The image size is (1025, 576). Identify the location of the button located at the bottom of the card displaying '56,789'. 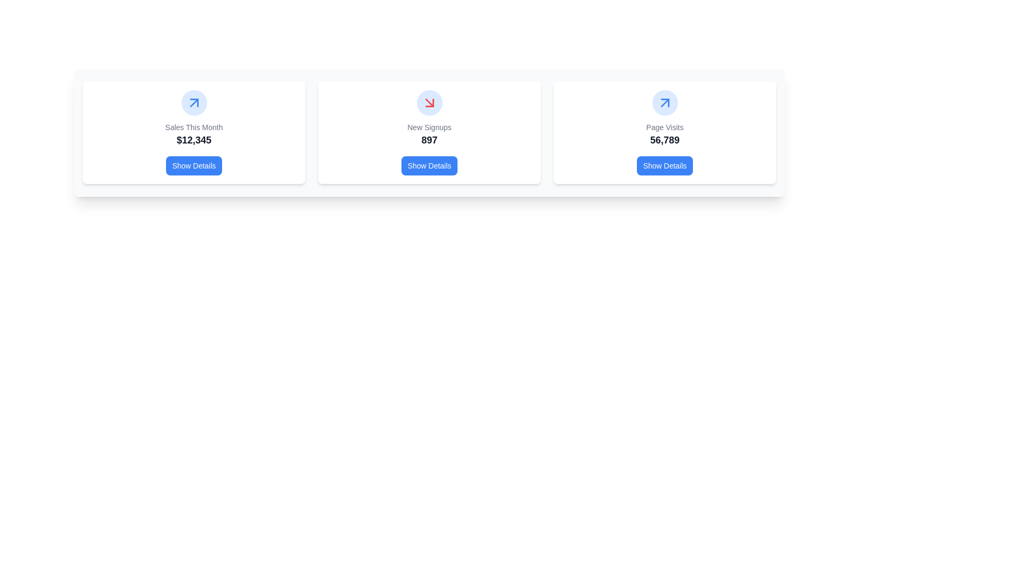
(664, 166).